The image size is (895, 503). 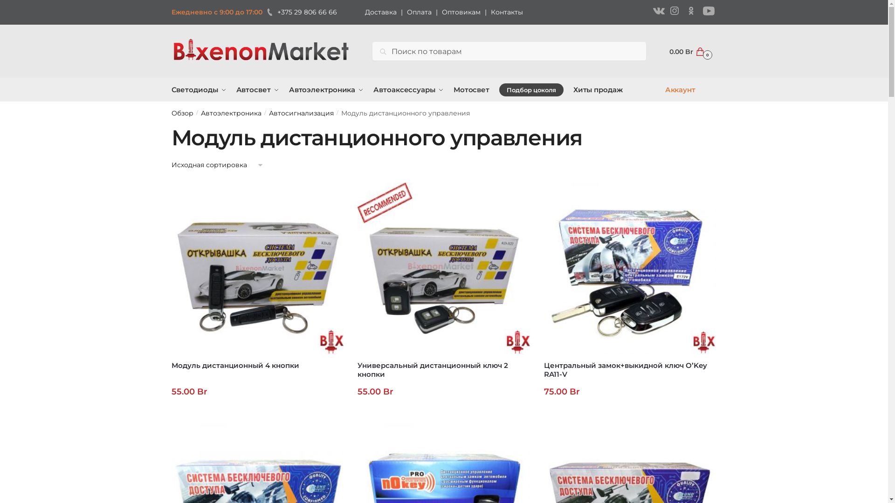 I want to click on '0.00 Br 0', so click(x=689, y=51).